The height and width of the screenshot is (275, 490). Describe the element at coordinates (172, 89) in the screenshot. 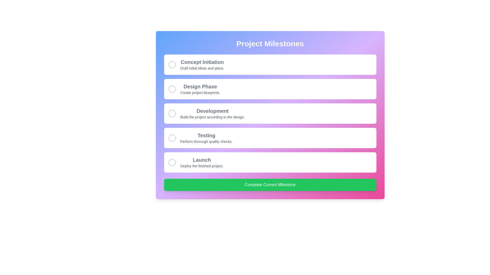

I see `the circular decorative icon or progress indicator located at the left side of the 'Design Phase' milestone in the vertical list` at that location.